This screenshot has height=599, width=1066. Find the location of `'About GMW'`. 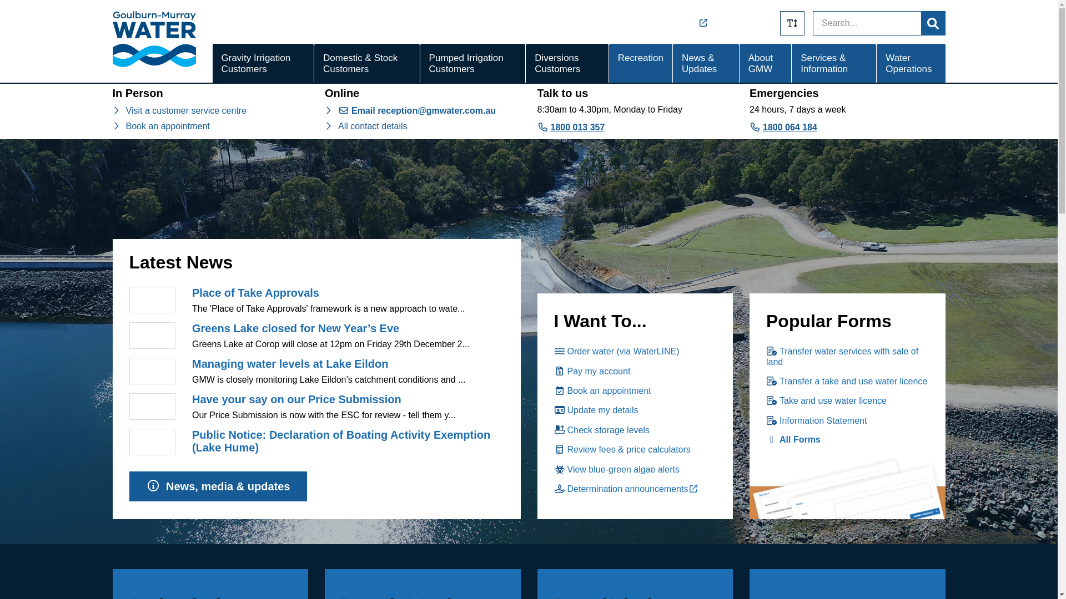

'About GMW' is located at coordinates (739, 64).